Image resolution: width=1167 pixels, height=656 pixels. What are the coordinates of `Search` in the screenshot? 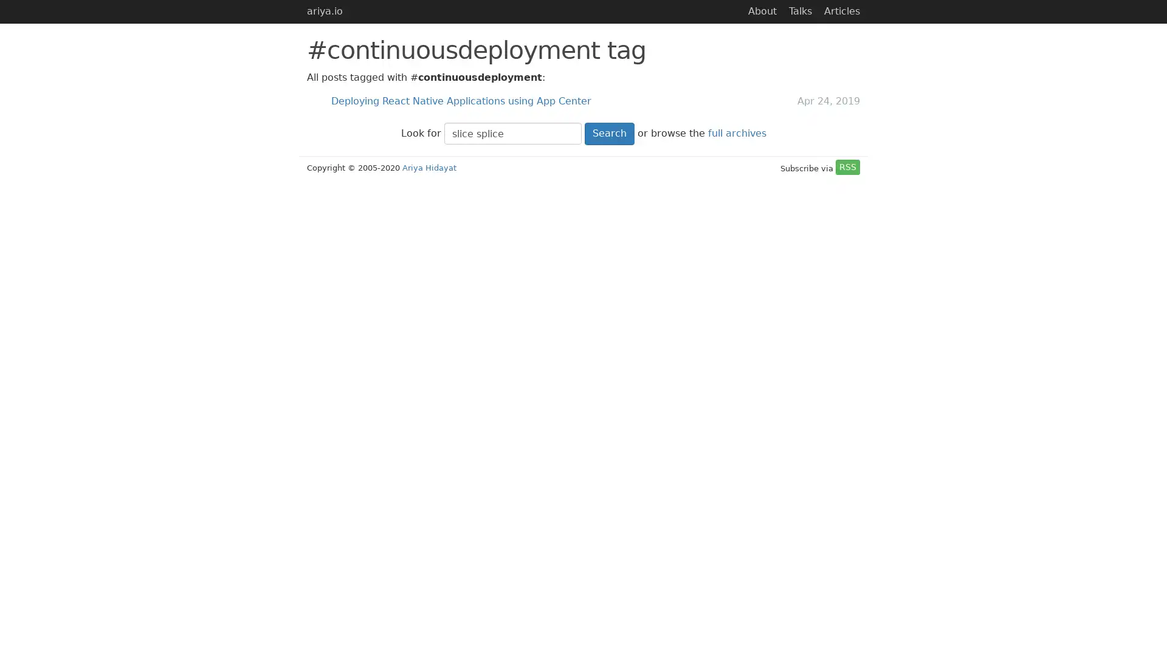 It's located at (609, 133).